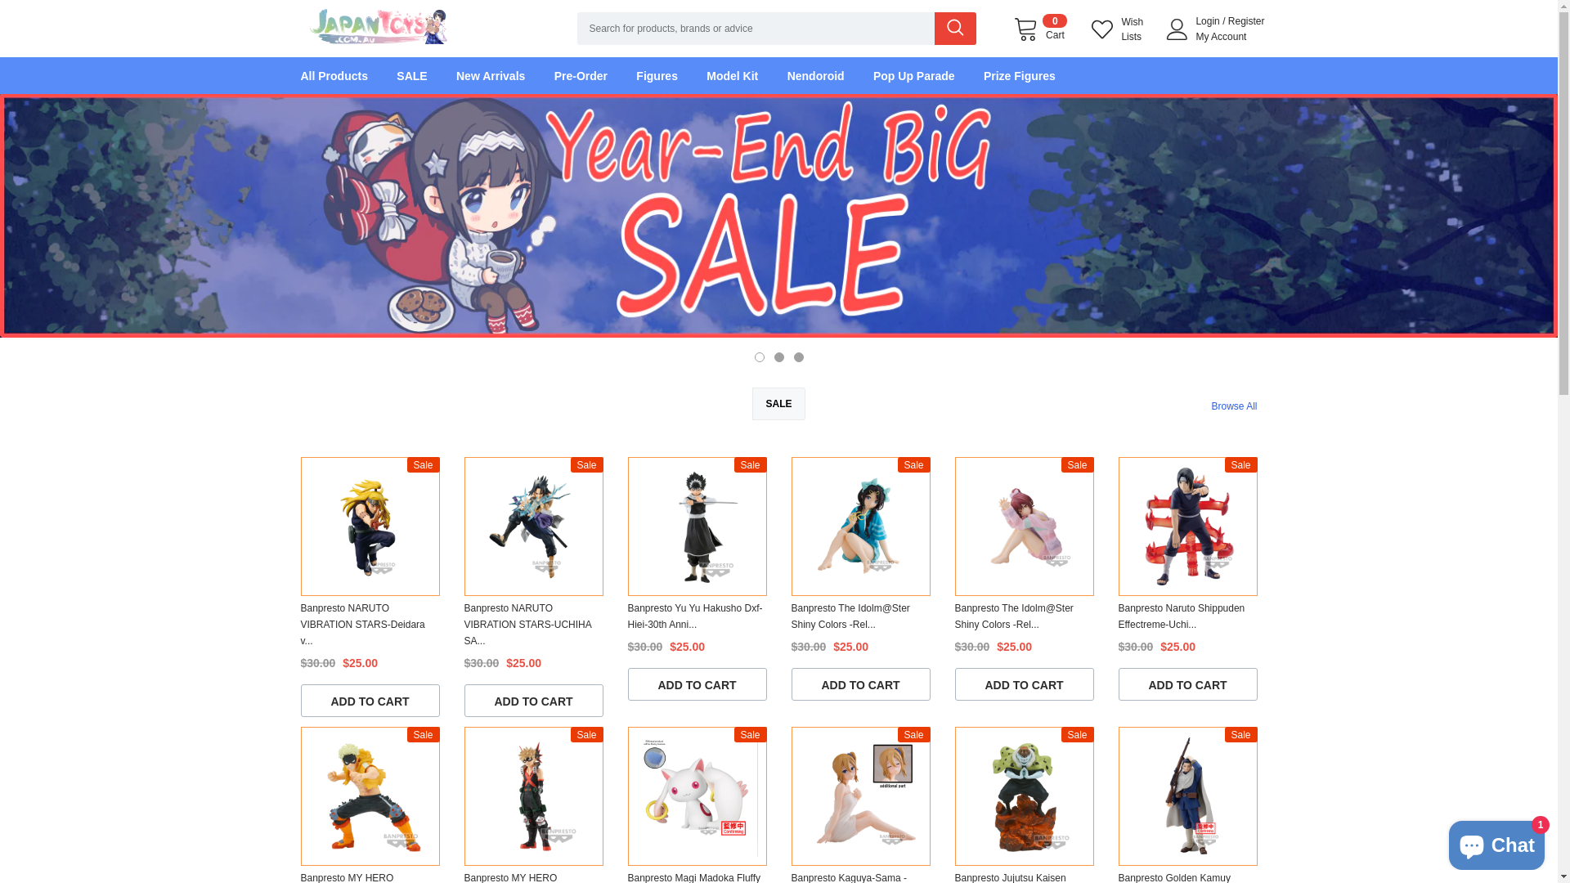  Describe the element at coordinates (1118, 616) in the screenshot. I see `'Banpresto Naruto Shippuden Effectreme-Uchi...'` at that location.